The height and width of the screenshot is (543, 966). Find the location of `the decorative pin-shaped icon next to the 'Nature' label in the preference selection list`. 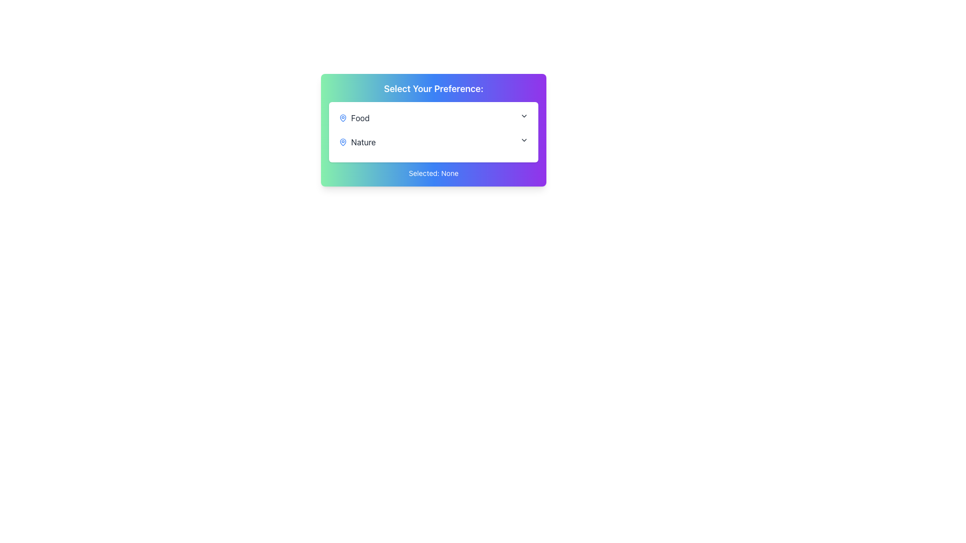

the decorative pin-shaped icon next to the 'Nature' label in the preference selection list is located at coordinates (343, 141).